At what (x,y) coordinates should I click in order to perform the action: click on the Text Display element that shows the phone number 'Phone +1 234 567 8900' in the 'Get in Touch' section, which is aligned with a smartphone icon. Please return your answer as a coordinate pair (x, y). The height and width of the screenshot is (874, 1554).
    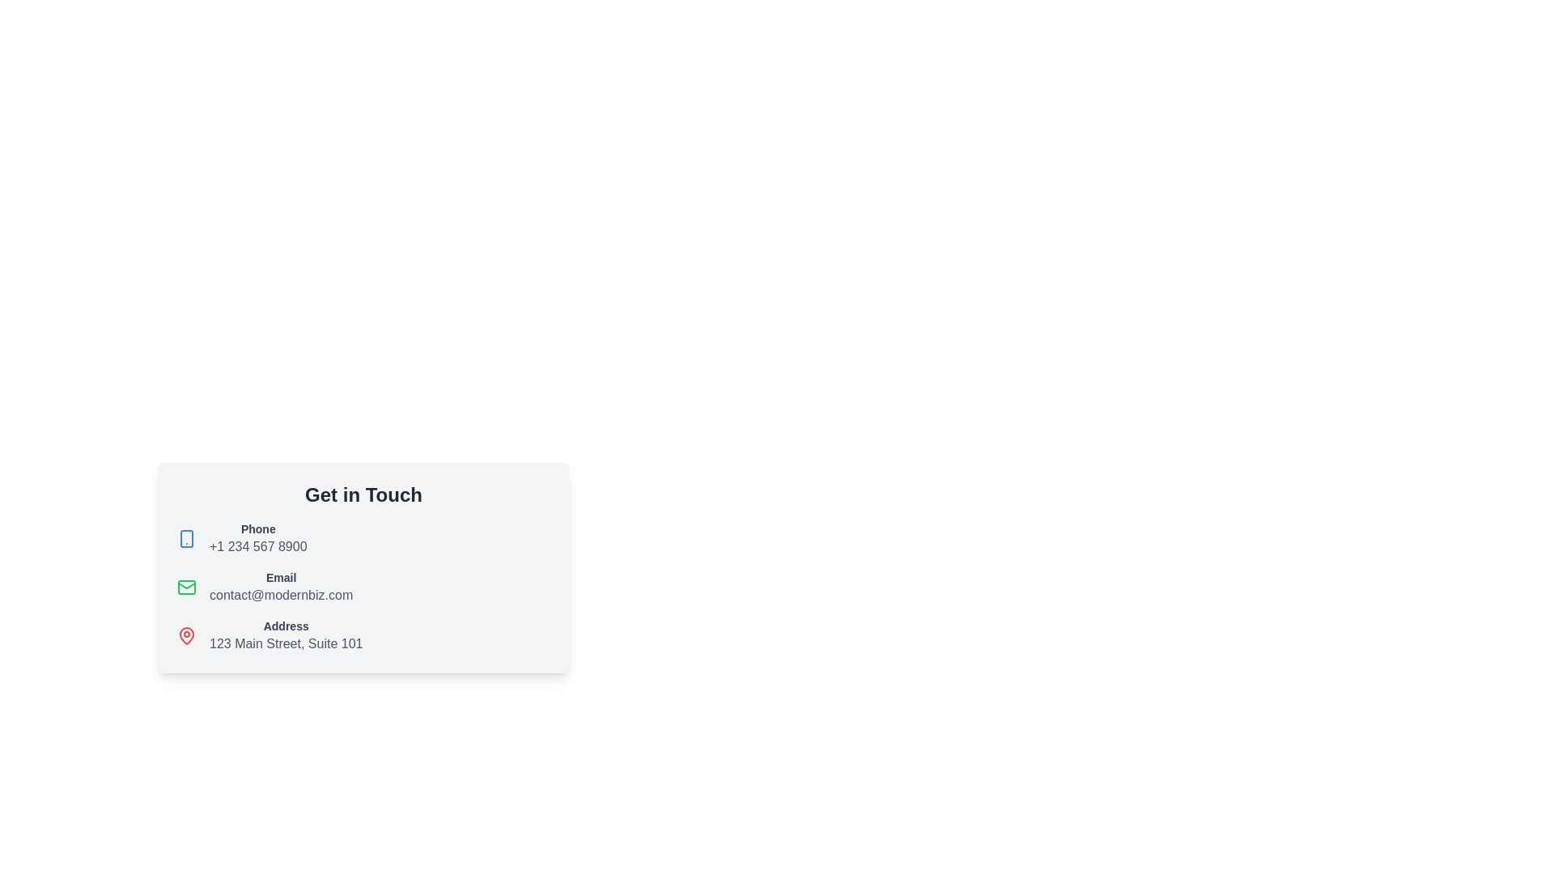
    Looking at the image, I should click on (257, 539).